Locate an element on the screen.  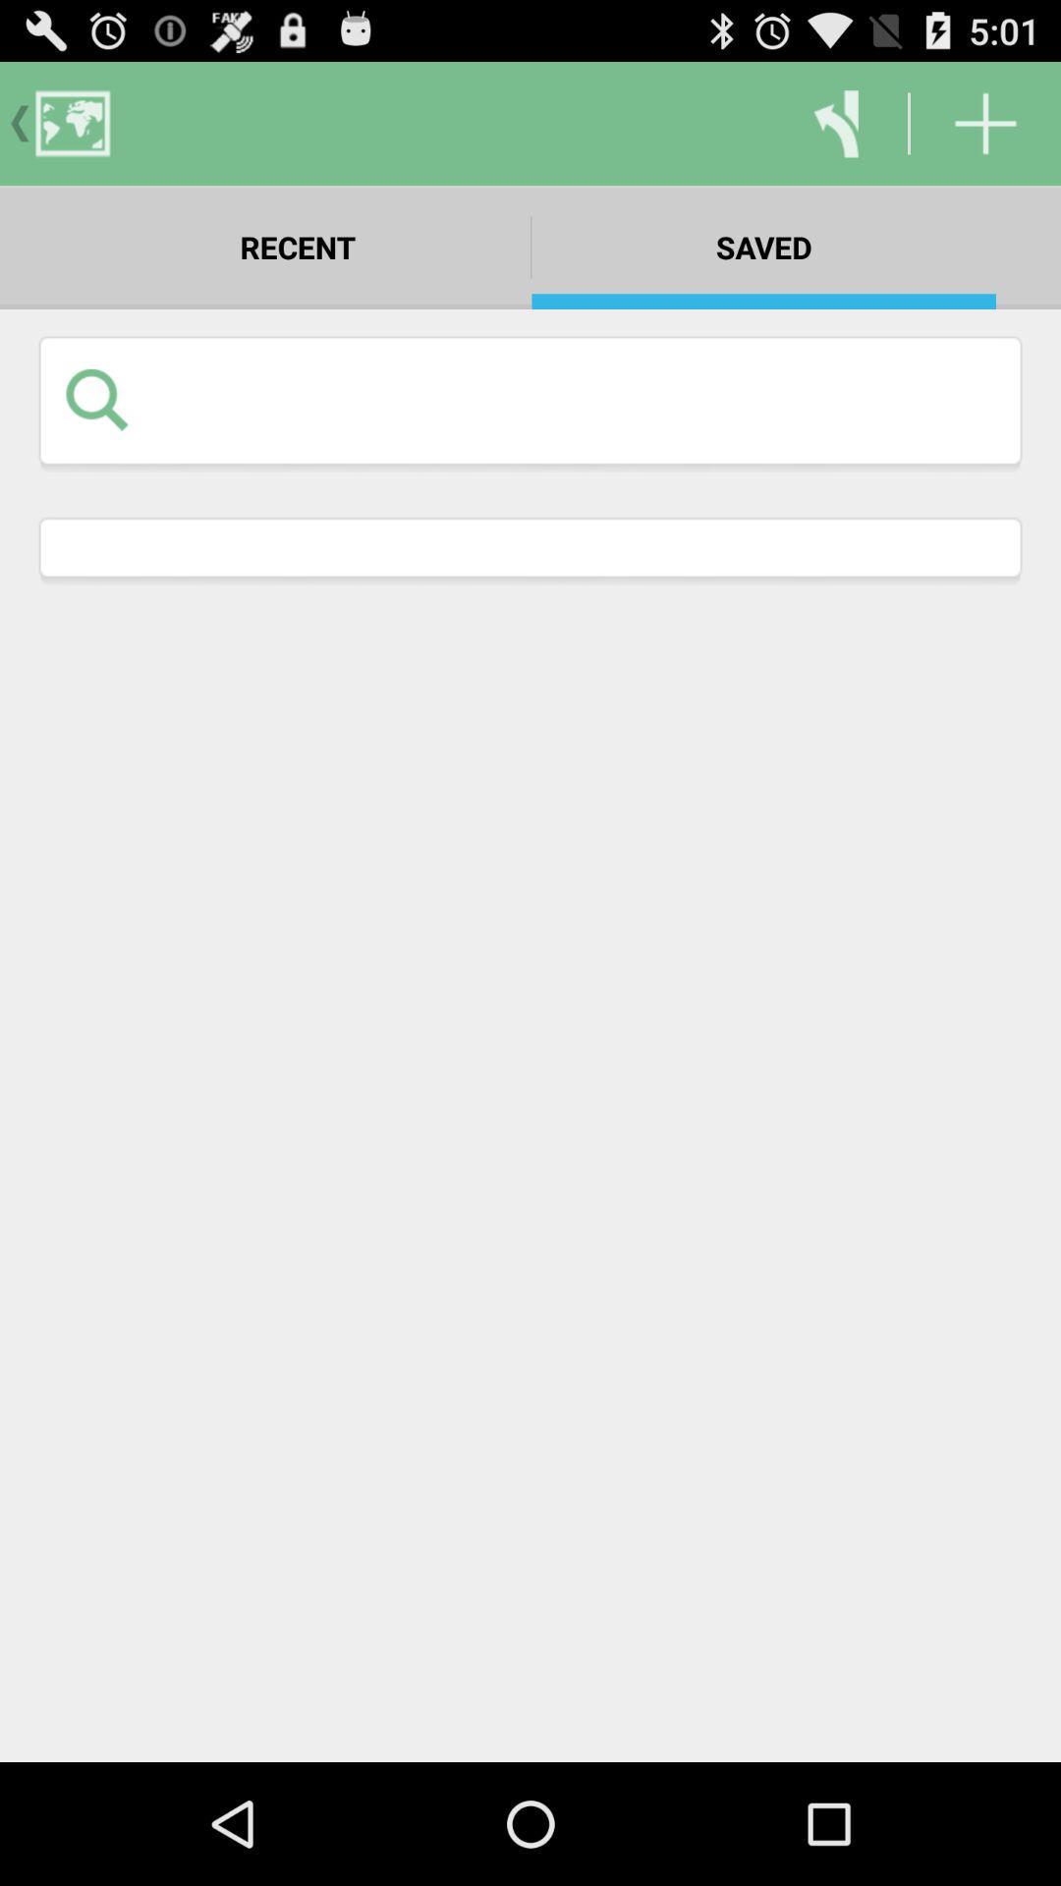
enter for searching is located at coordinates (574, 398).